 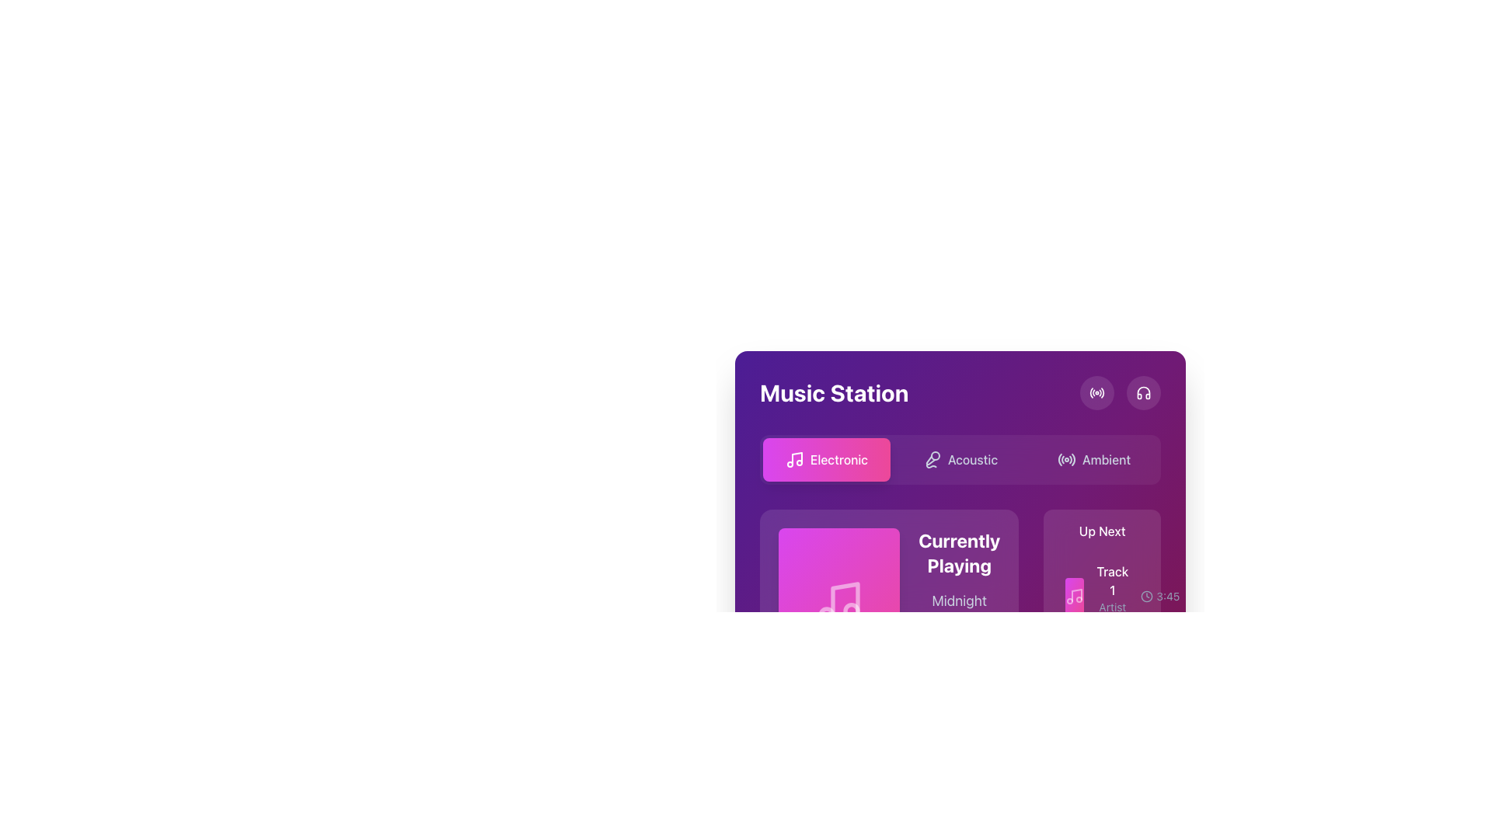 I want to click on the music track icon for 'Track 1' by 'Artist 1', which is positioned on the left side of the list item, so click(x=1074, y=595).